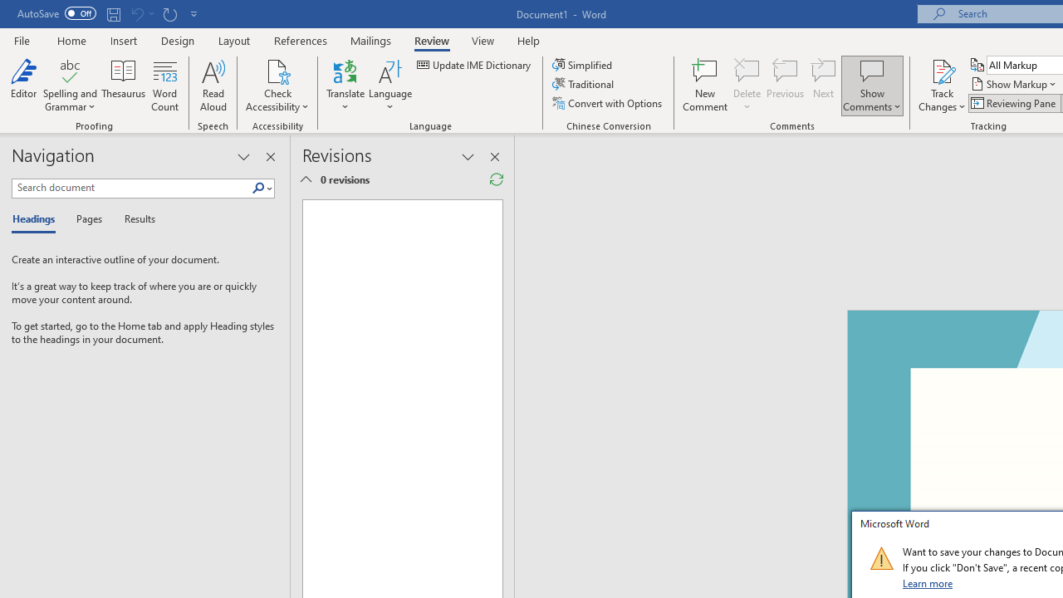  Describe the element at coordinates (824, 86) in the screenshot. I see `'Next'` at that location.